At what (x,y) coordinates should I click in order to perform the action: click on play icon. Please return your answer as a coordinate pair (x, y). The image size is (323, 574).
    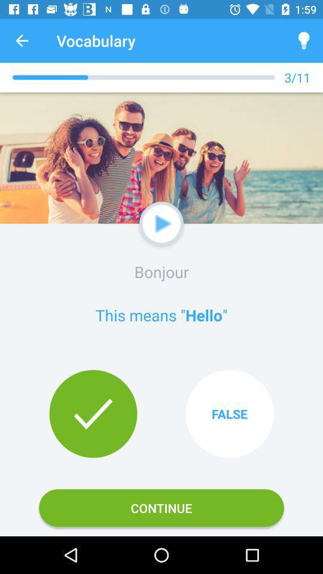
    Looking at the image, I should click on (163, 223).